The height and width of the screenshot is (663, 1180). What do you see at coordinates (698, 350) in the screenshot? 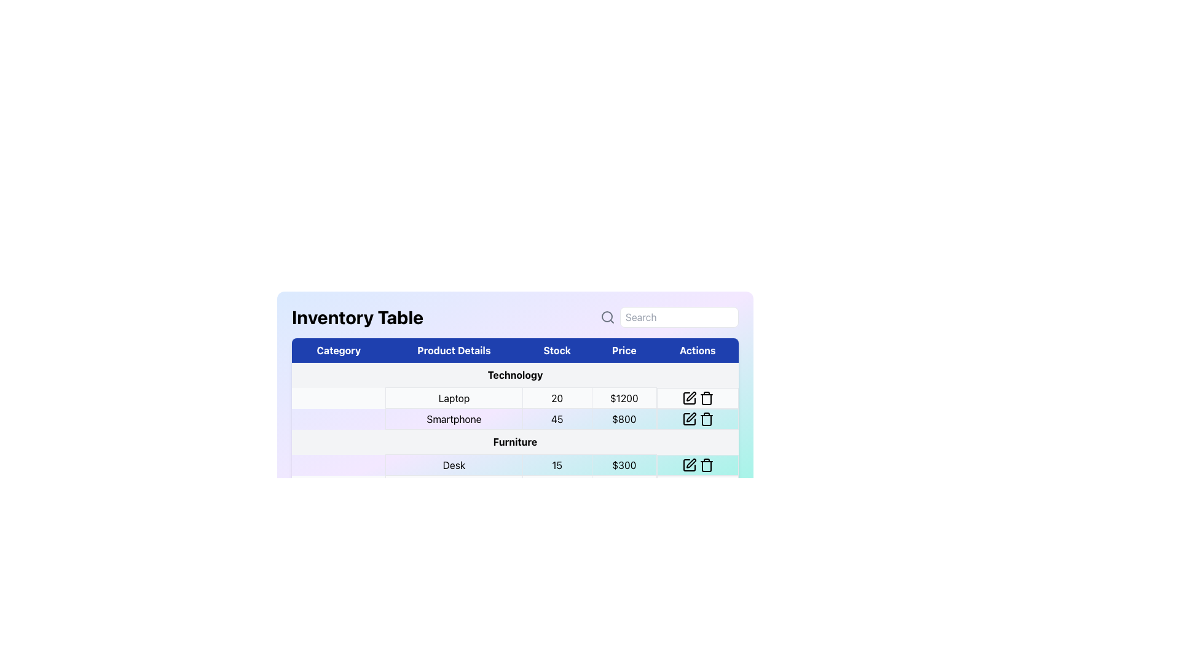
I see `the 'Actions' column header in the table, which is located at the top-right corner of the table content` at bounding box center [698, 350].